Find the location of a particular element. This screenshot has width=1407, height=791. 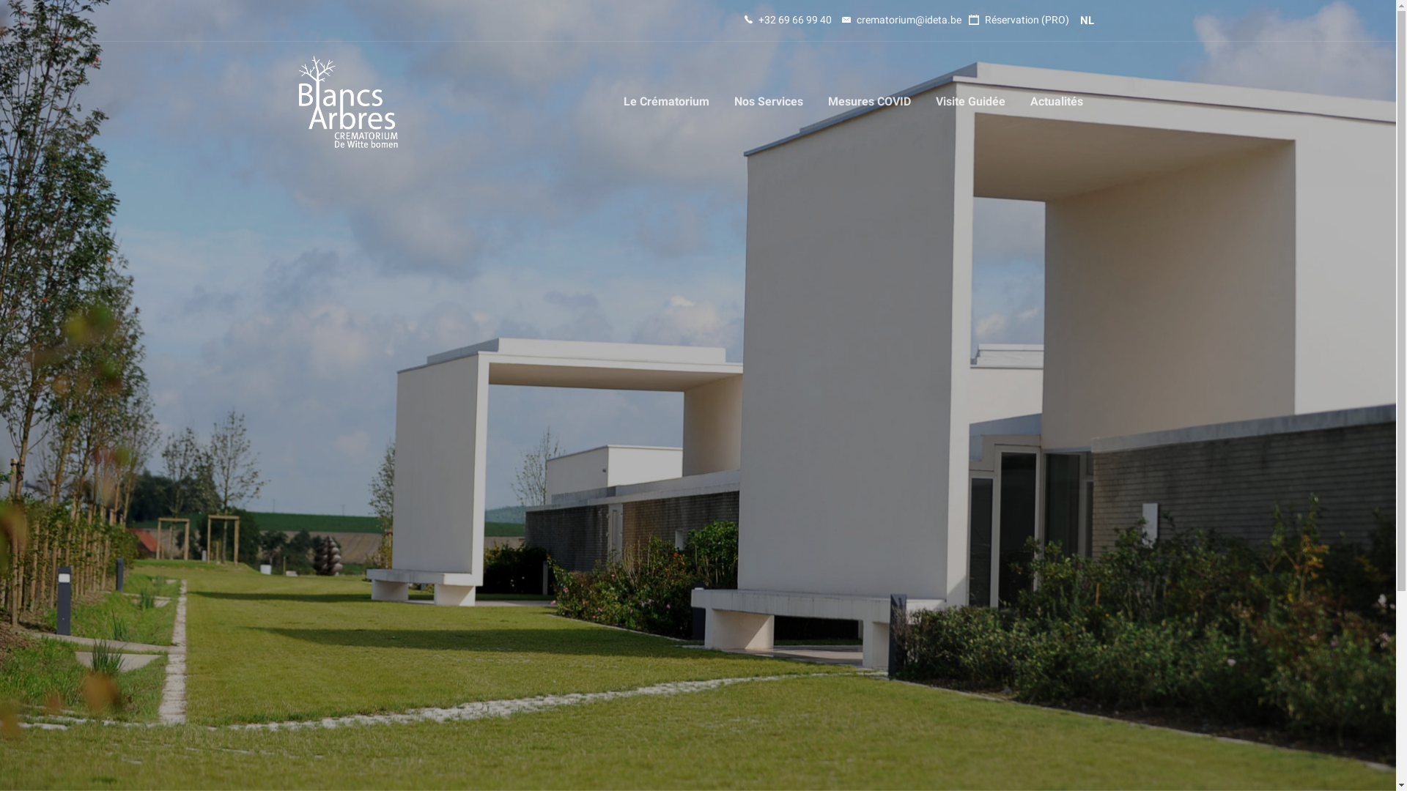

'Nos Services' is located at coordinates (767, 100).